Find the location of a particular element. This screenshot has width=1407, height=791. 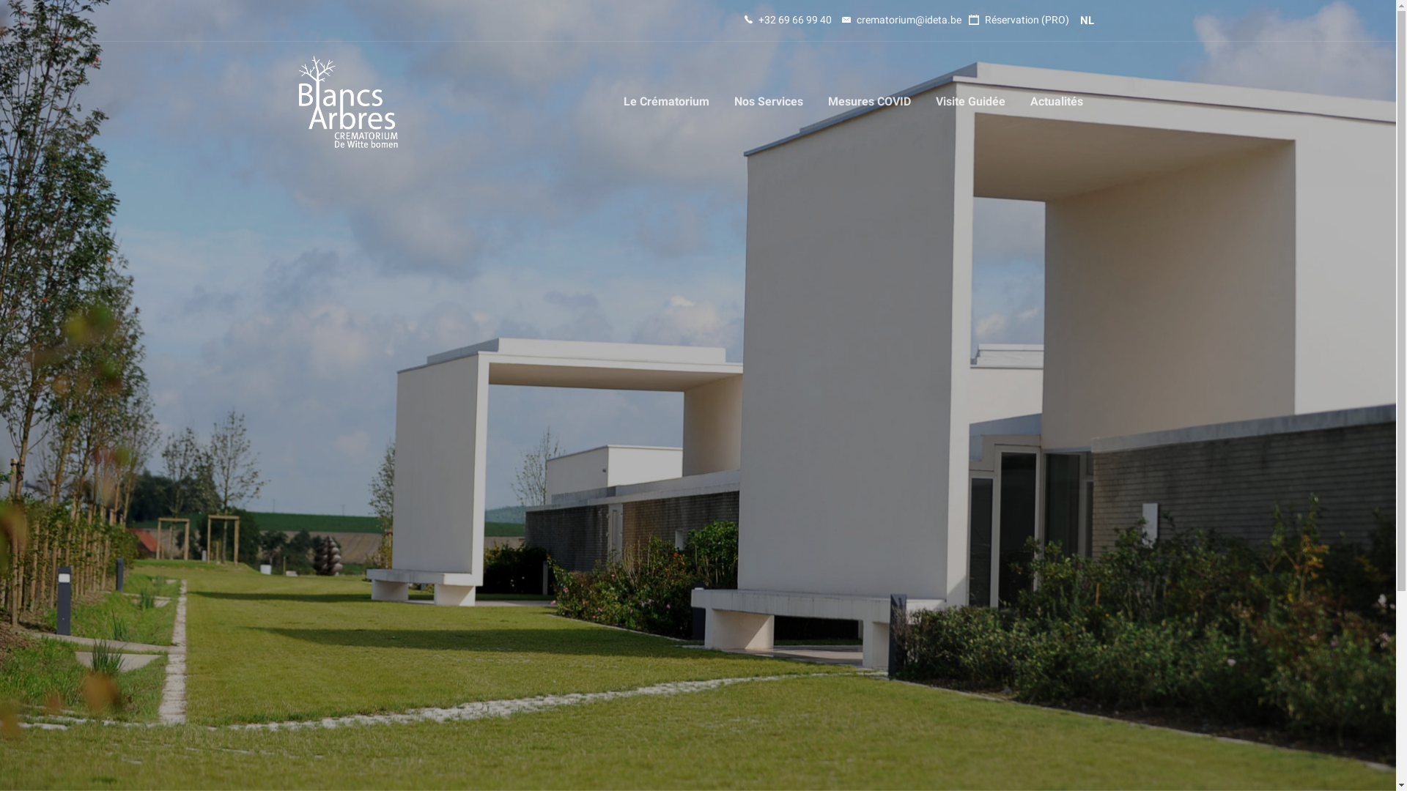

'Nos Services' is located at coordinates (767, 100).